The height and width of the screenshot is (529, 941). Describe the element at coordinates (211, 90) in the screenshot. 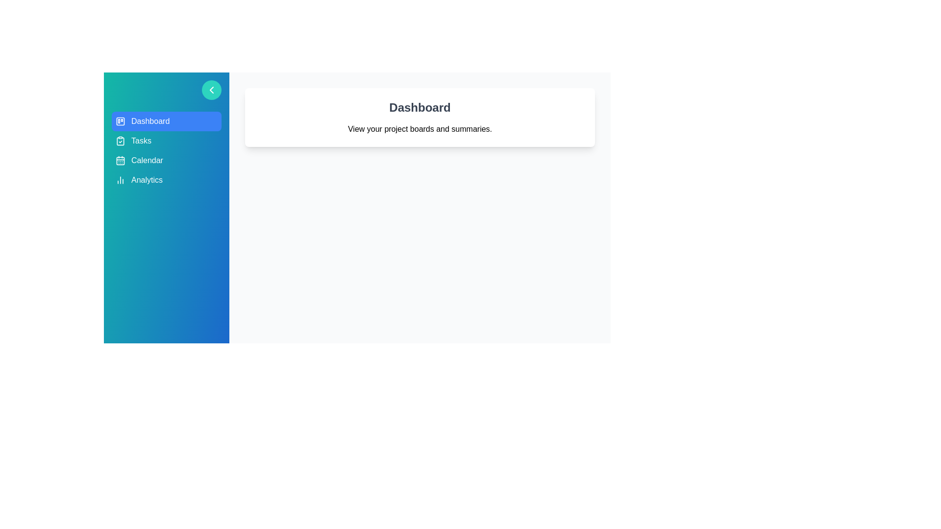

I see `the circular teal button with a leftward chevron icon located in the top right corner of the gradient-colored side navigation bar` at that location.